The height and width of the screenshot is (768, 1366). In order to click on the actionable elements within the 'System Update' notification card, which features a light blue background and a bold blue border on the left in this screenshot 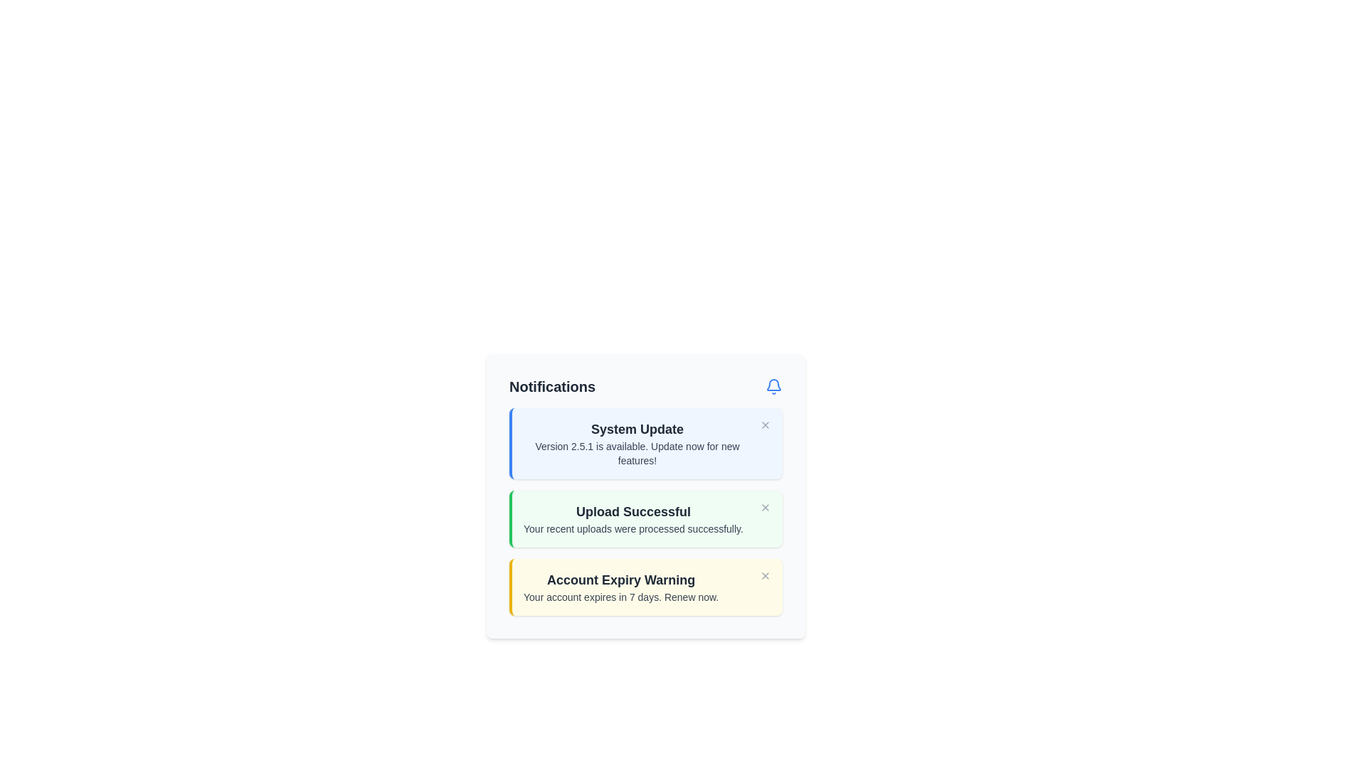, I will do `click(647, 443)`.